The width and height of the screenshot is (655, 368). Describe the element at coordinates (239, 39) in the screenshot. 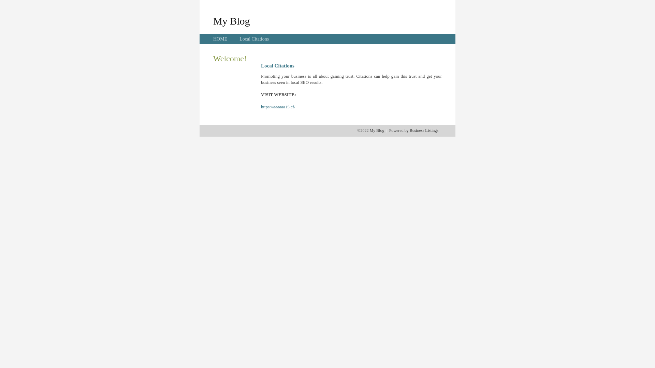

I see `'Local Citations'` at that location.